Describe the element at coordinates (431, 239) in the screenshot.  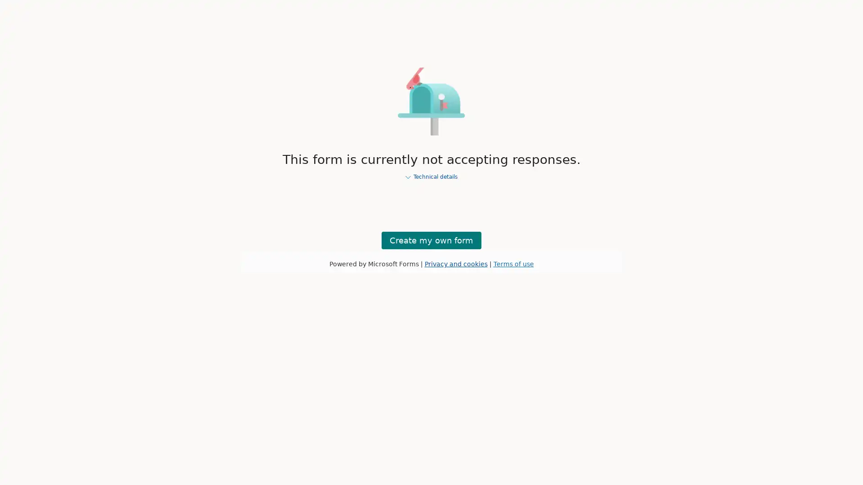
I see `Create my own form` at that location.